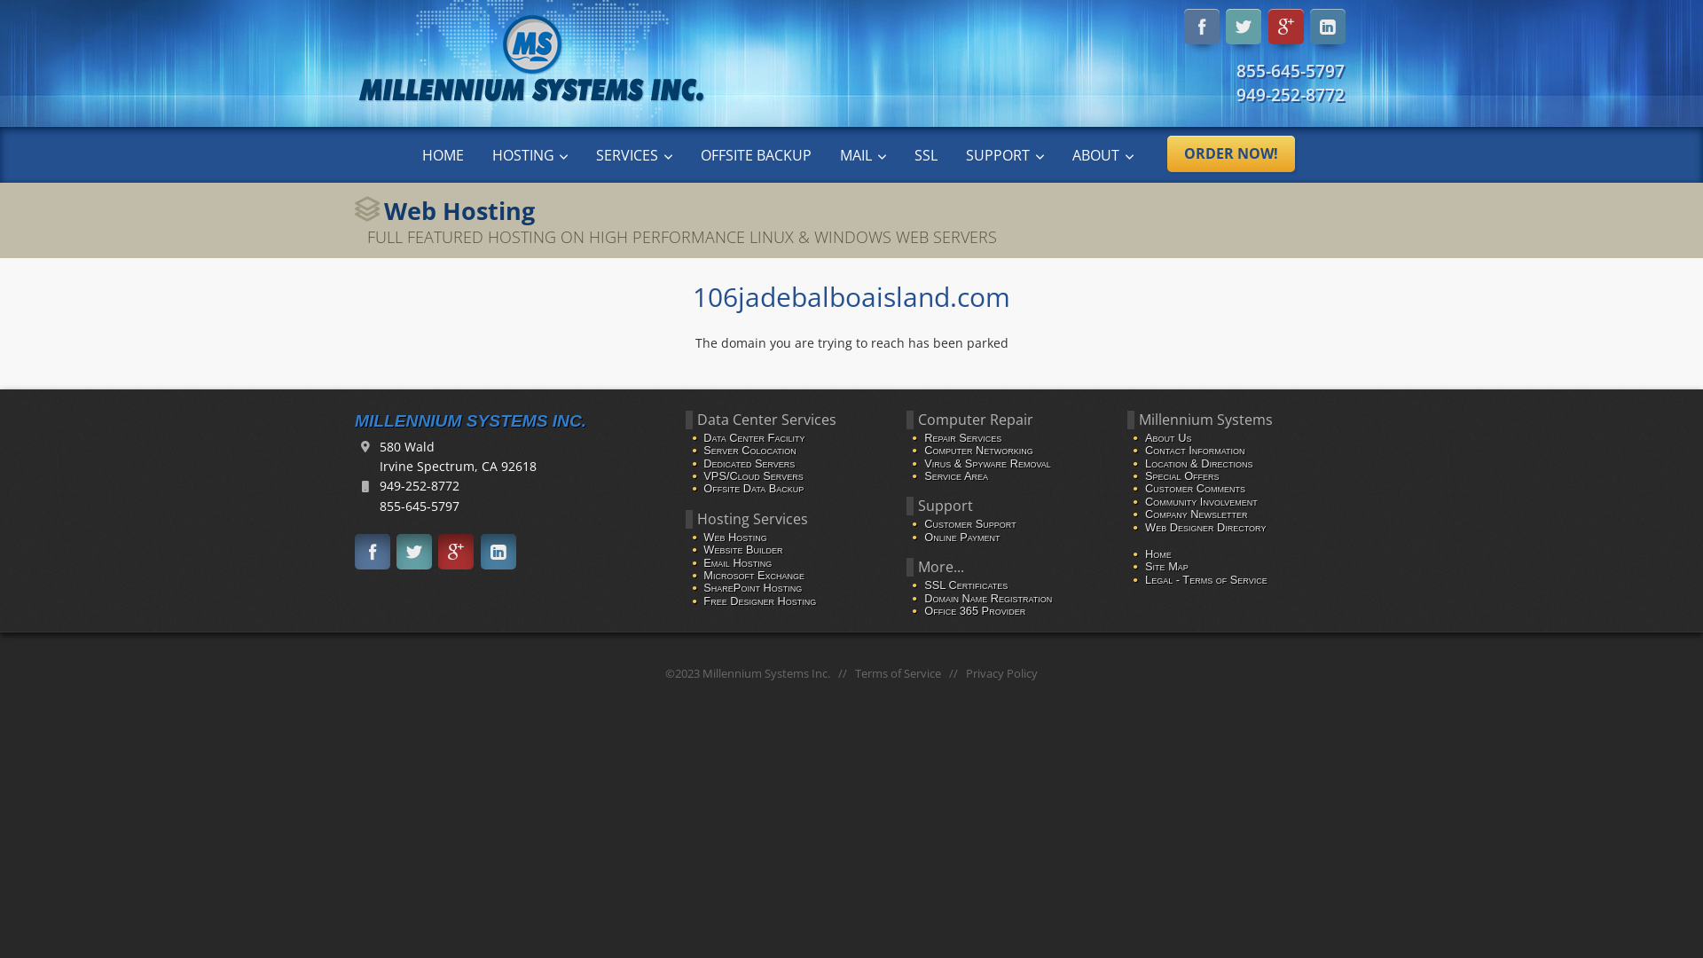  Describe the element at coordinates (863, 153) in the screenshot. I see `'MAIL'` at that location.